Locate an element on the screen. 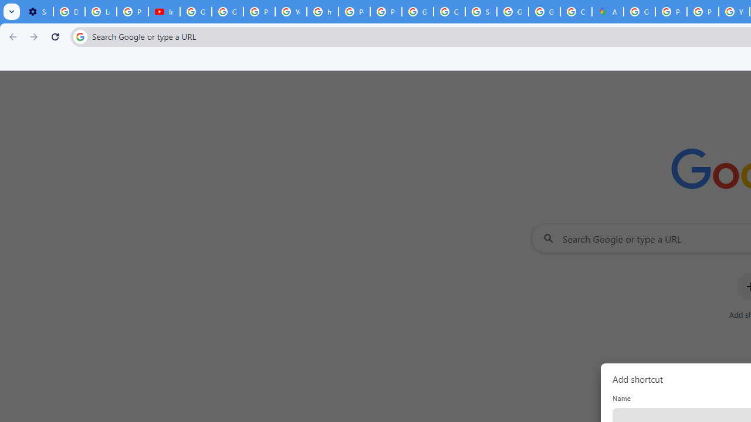 The height and width of the screenshot is (422, 751). 'Google Account Help' is located at coordinates (227, 12).